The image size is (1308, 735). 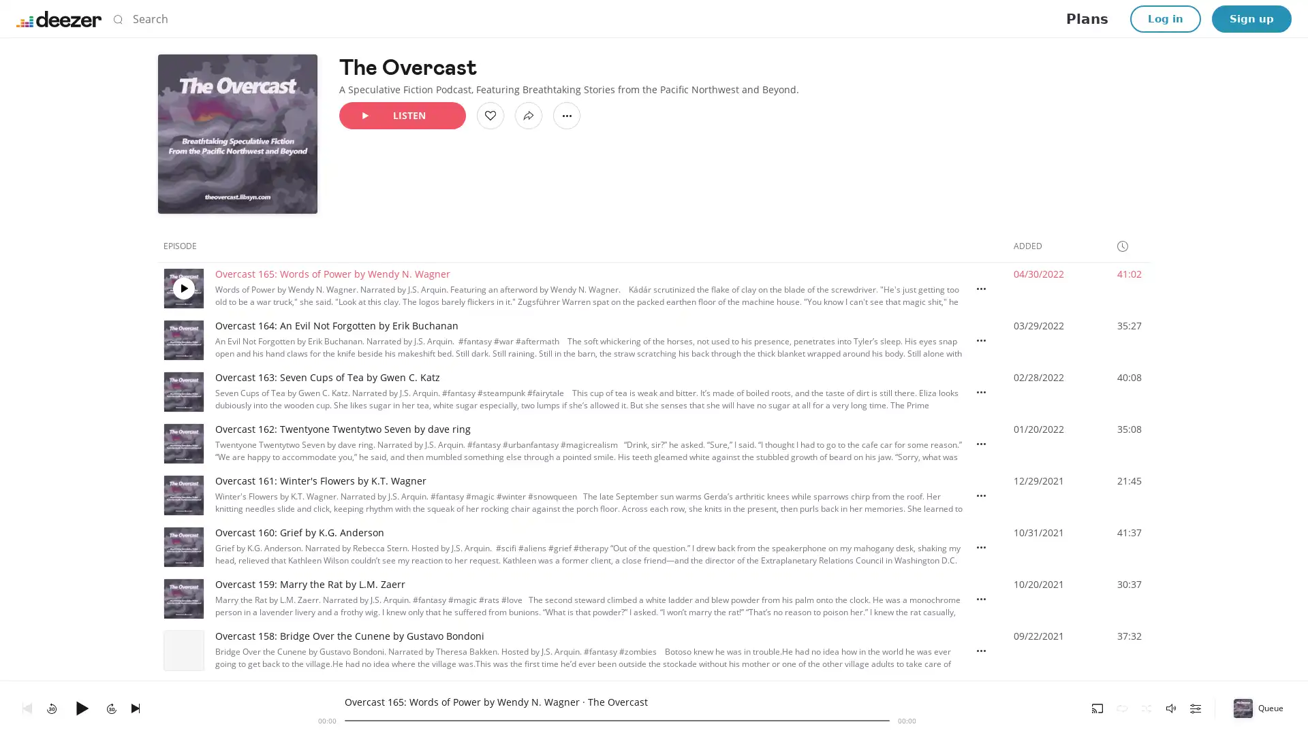 I want to click on Skip back 30 seconds, so click(x=52, y=707).